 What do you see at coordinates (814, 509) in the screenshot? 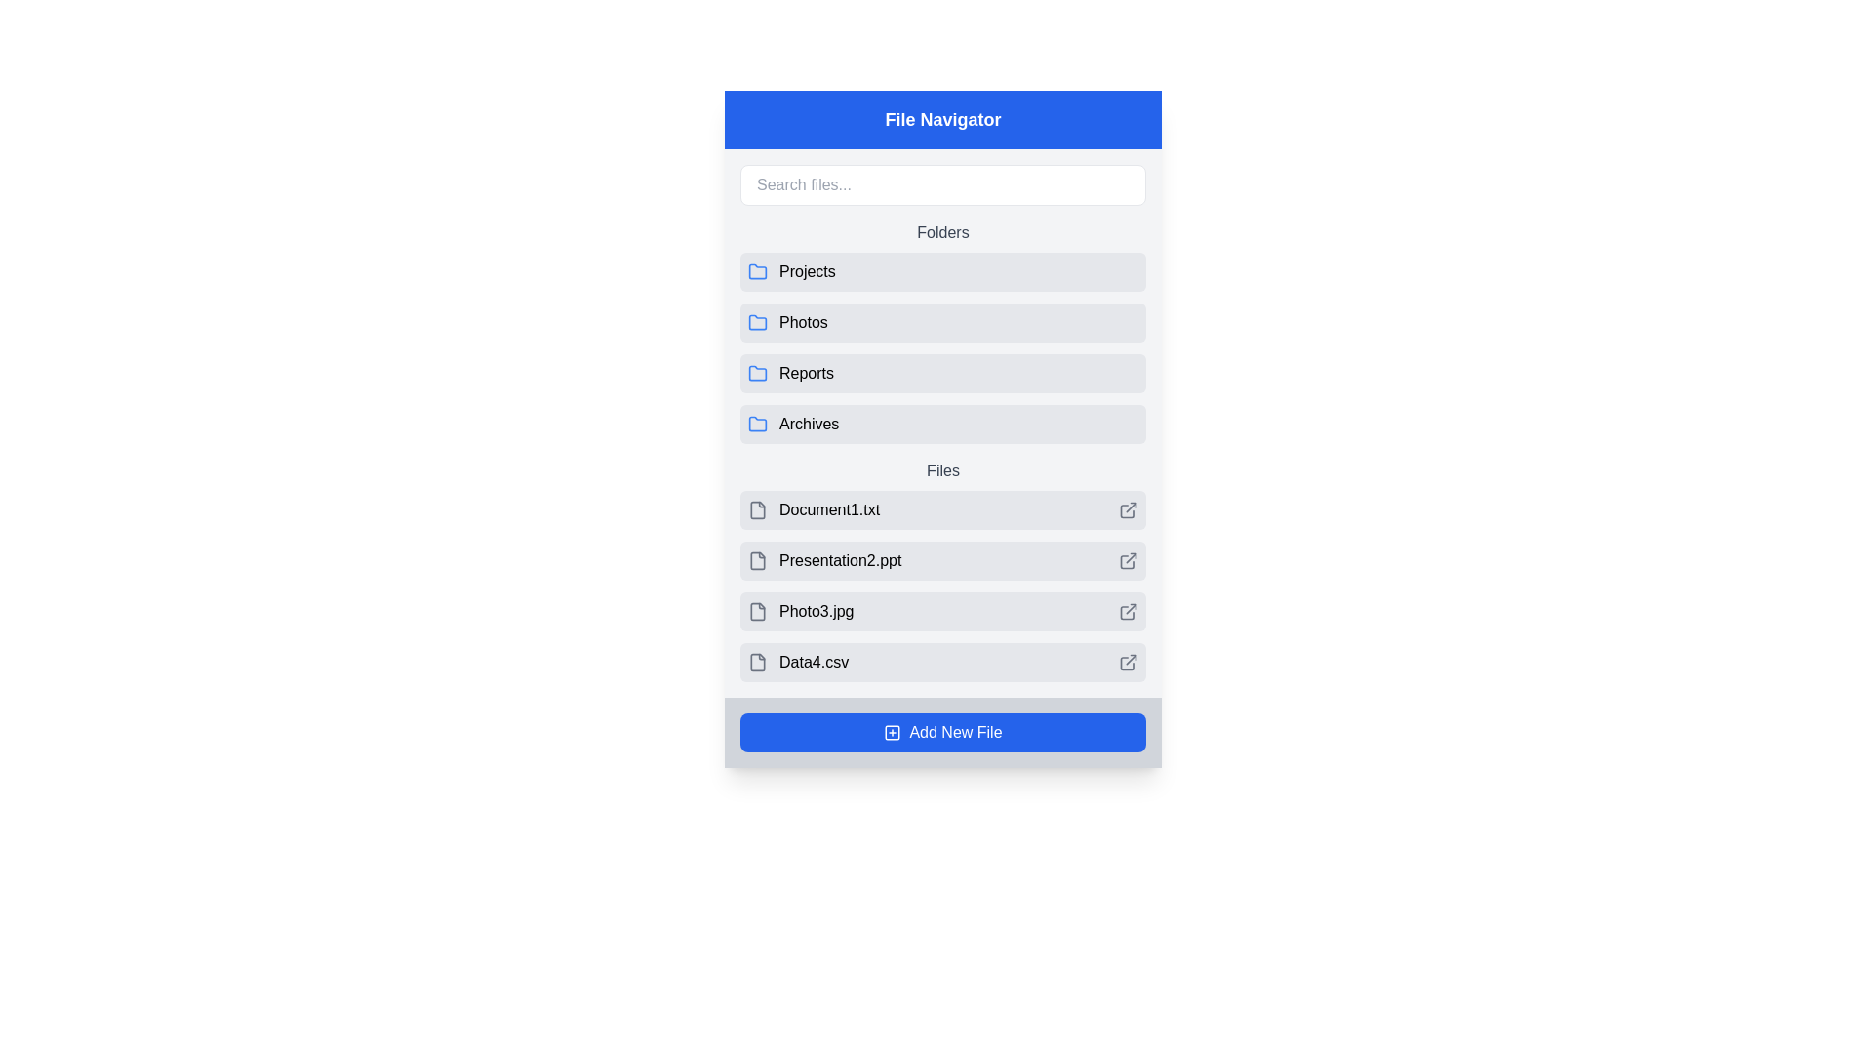
I see `the first file entry` at bounding box center [814, 509].